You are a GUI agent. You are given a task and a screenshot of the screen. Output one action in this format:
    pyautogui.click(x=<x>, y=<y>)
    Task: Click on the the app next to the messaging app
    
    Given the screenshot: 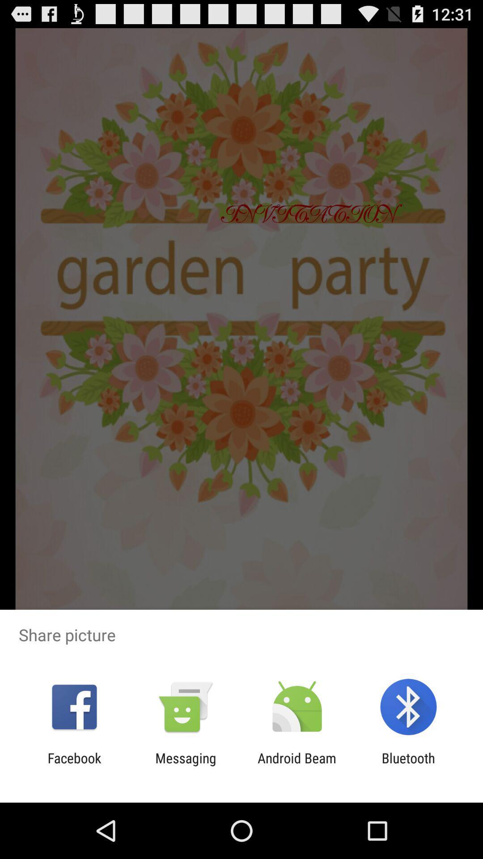 What is the action you would take?
    pyautogui.click(x=74, y=765)
    